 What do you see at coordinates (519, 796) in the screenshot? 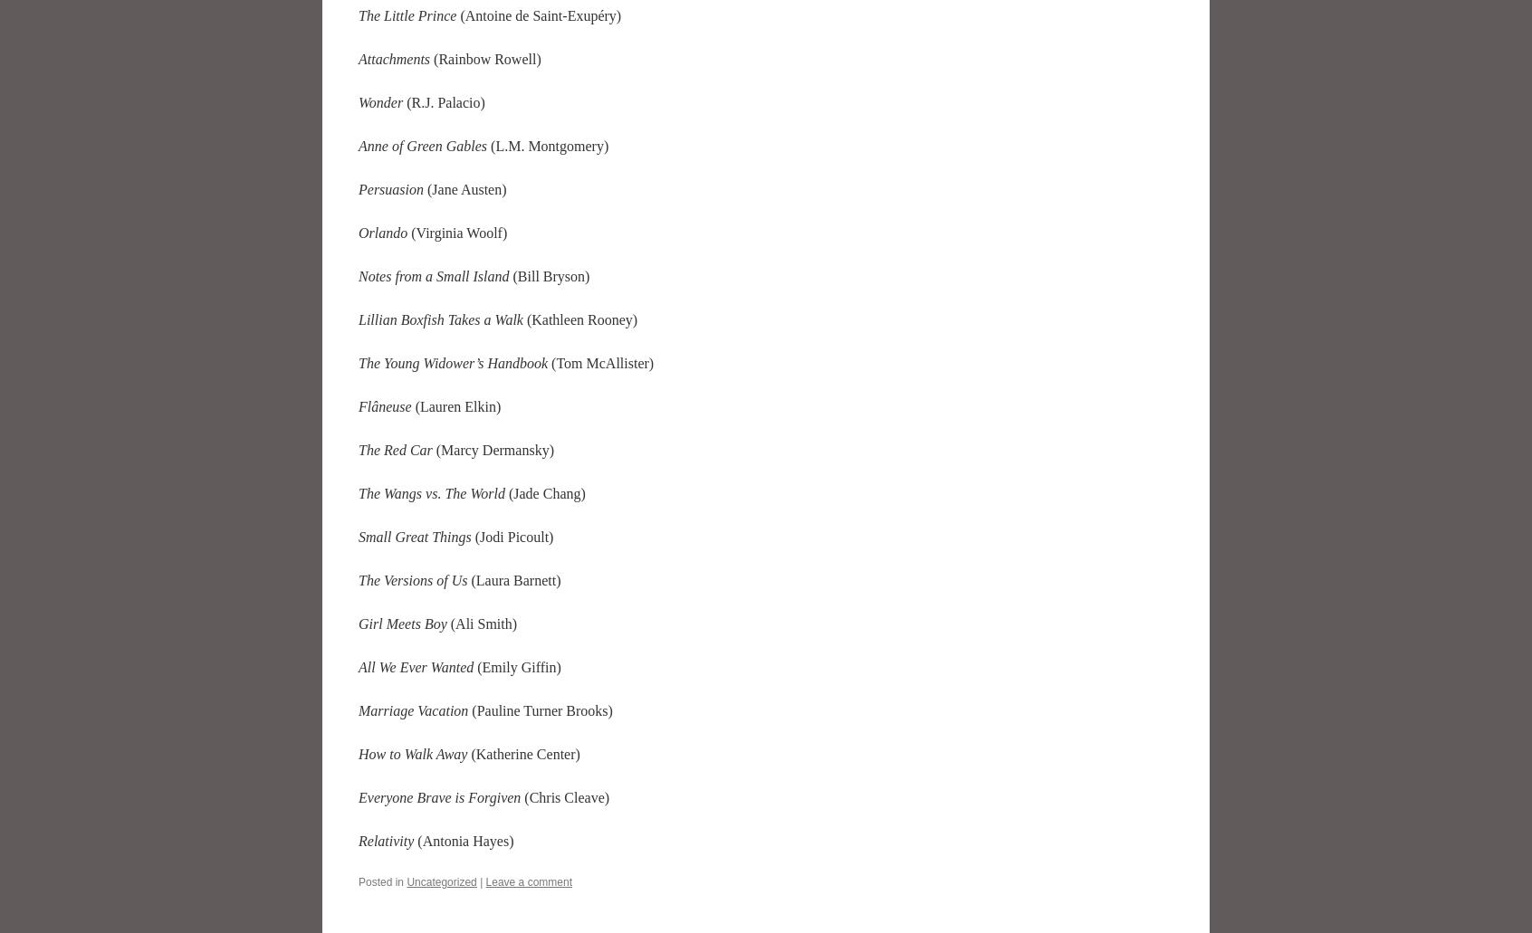
I see `'(Chris Cleave)'` at bounding box center [519, 796].